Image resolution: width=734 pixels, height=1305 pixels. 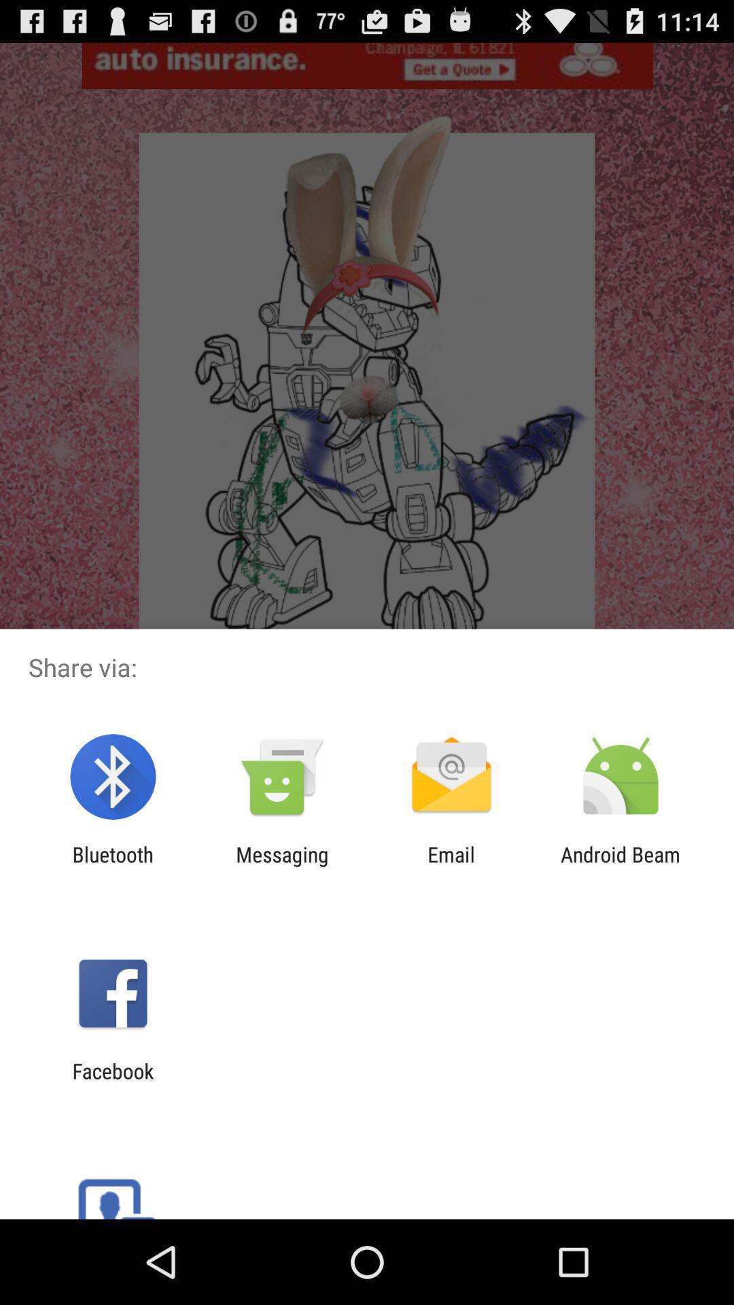 What do you see at coordinates (451, 866) in the screenshot?
I see `icon to the right of the messaging app` at bounding box center [451, 866].